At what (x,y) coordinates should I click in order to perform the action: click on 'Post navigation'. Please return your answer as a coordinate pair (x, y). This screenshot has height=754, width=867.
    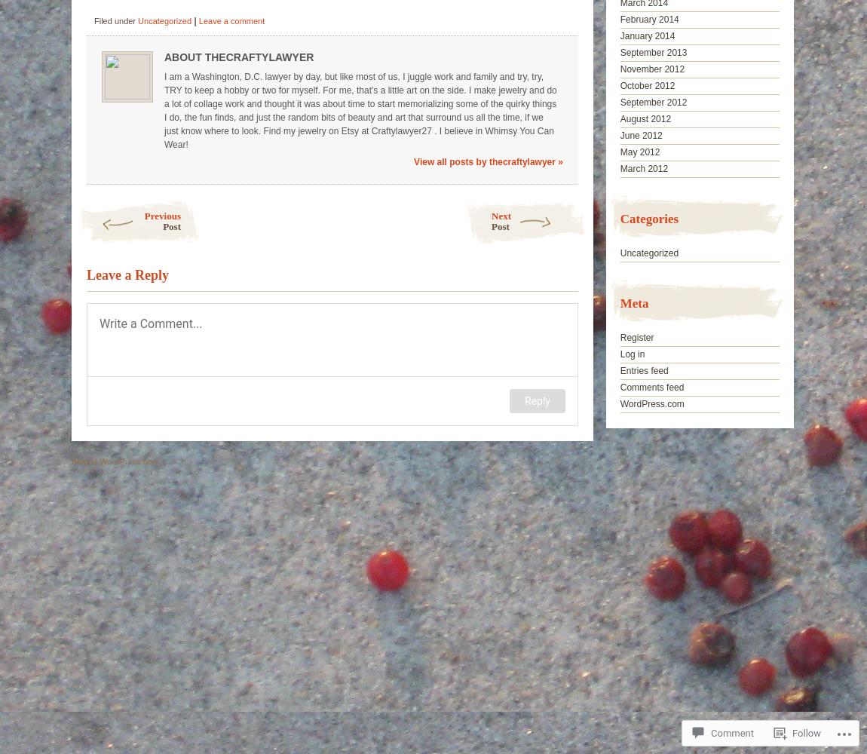
    Looking at the image, I should click on (114, 207).